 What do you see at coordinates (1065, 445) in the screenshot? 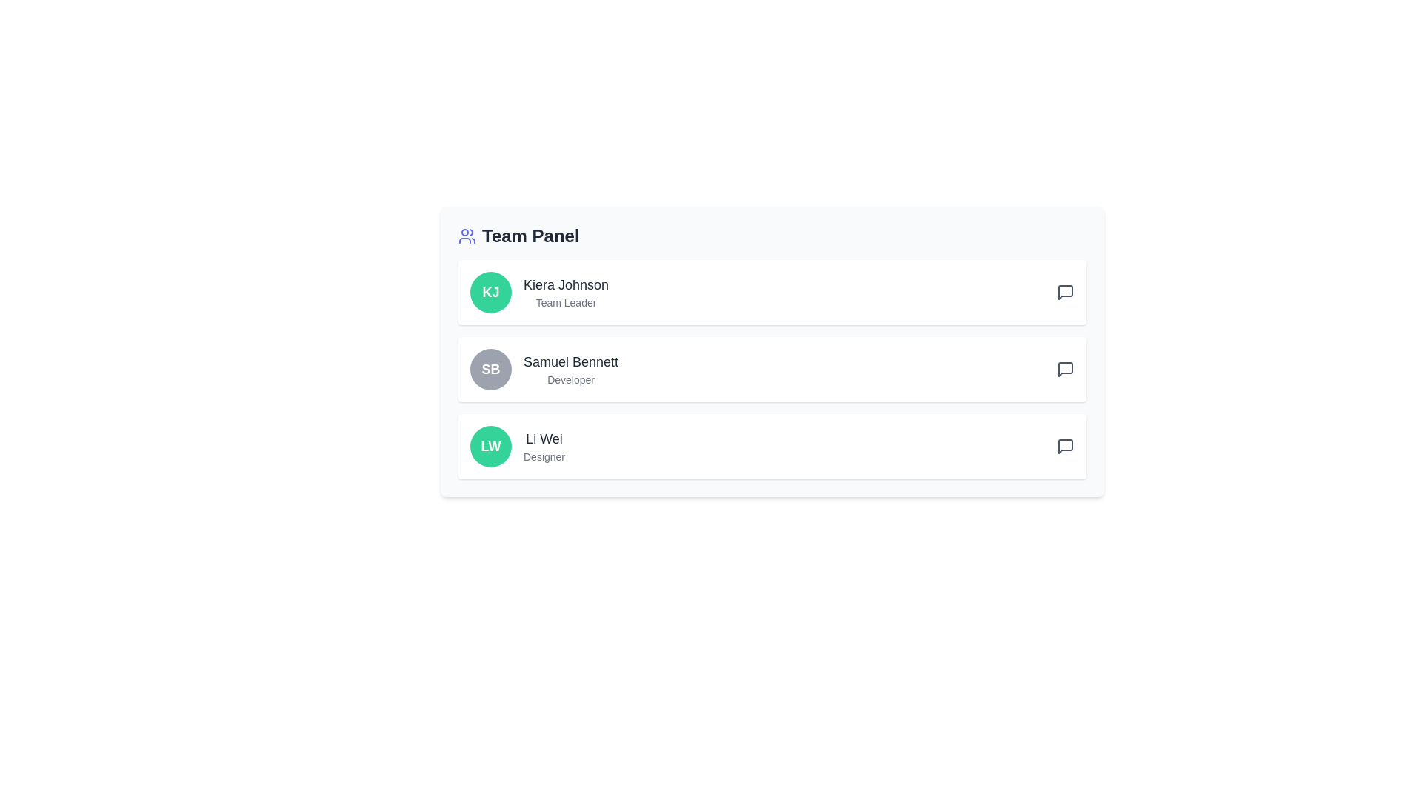
I see `the interactive icon button located at the right end of the user card for 'Li Wei'` at bounding box center [1065, 445].